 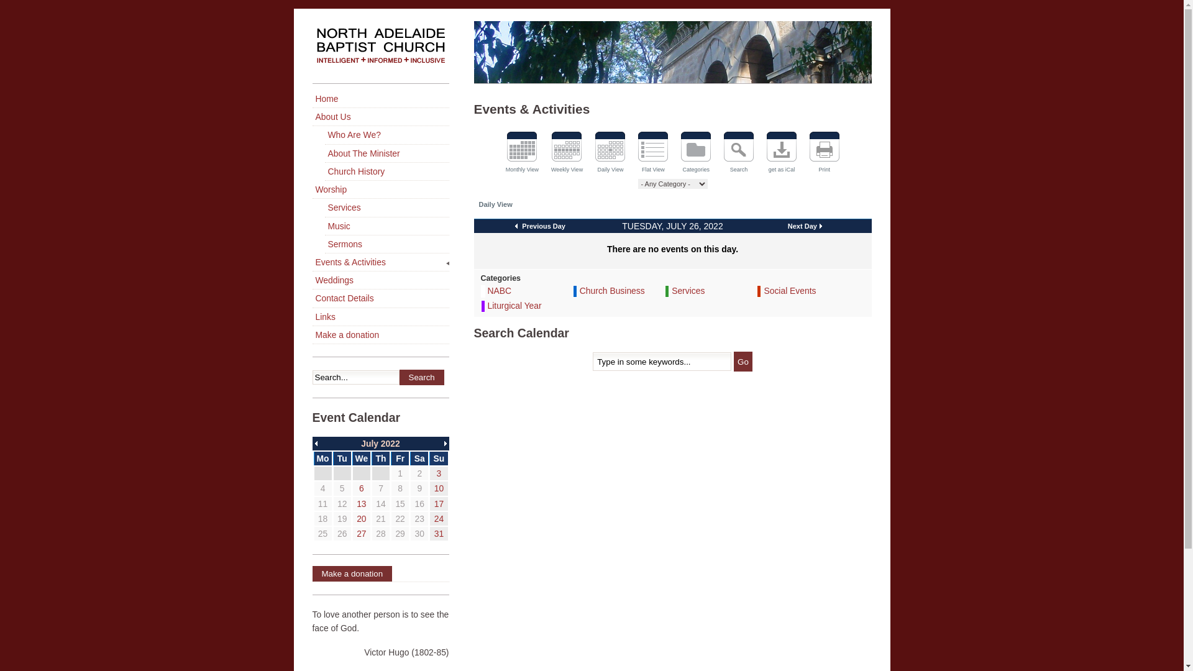 I want to click on 'Categories', so click(x=696, y=153).